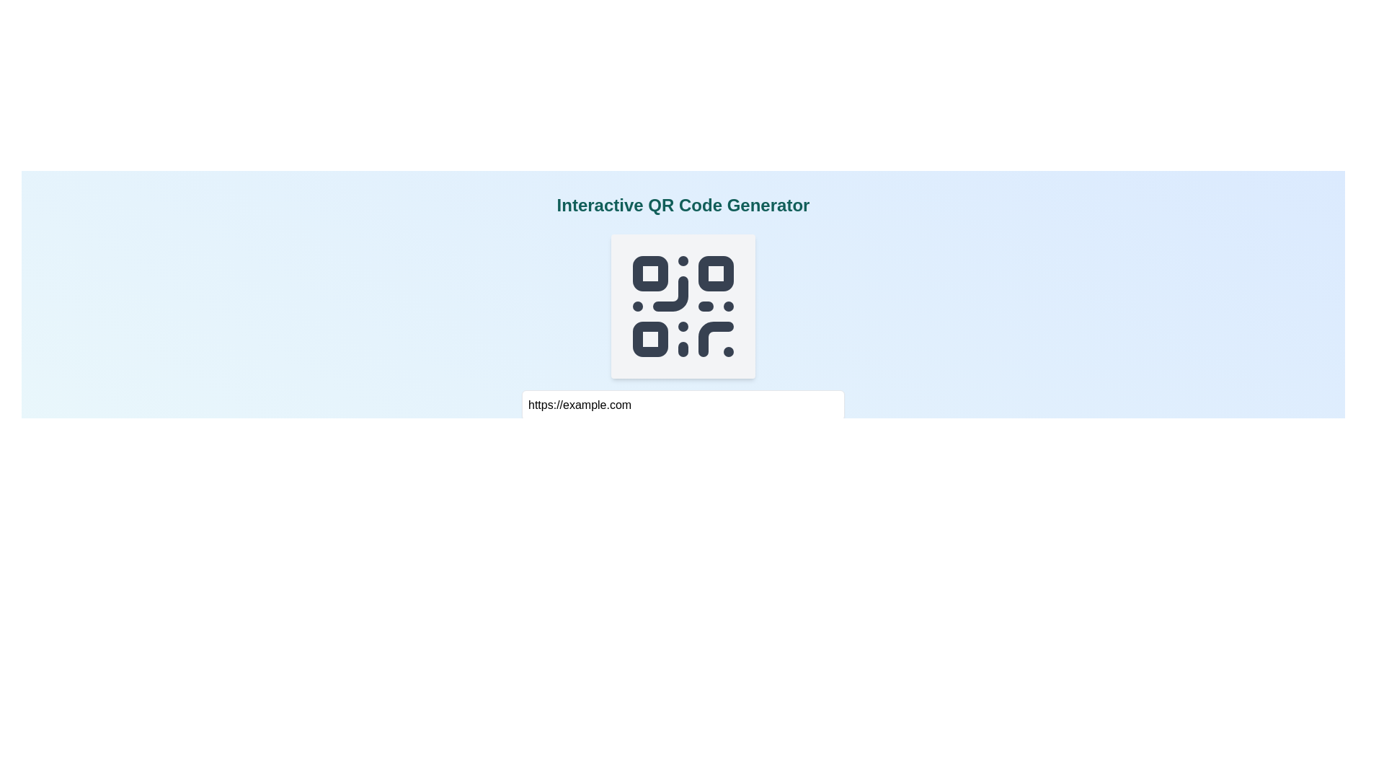 The image size is (1384, 779). I want to click on the decorative graphical element that is a curved line in the upper right area of the QR code icon, so click(670, 293).